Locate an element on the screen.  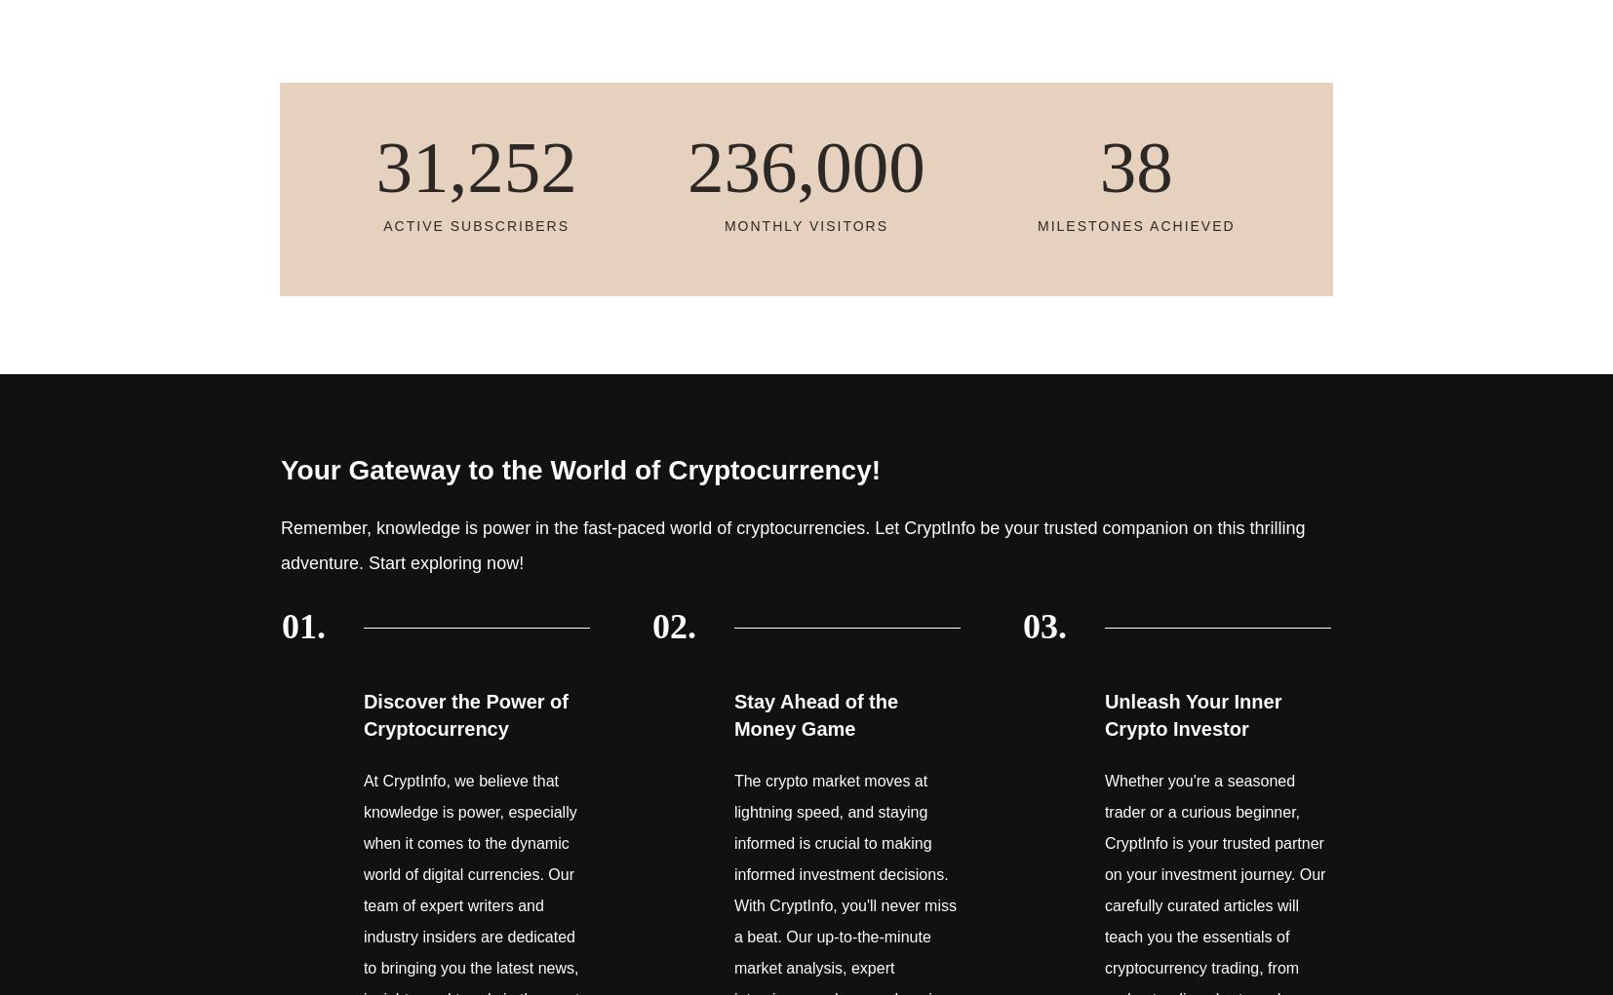
'236,000' is located at coordinates (806, 166).